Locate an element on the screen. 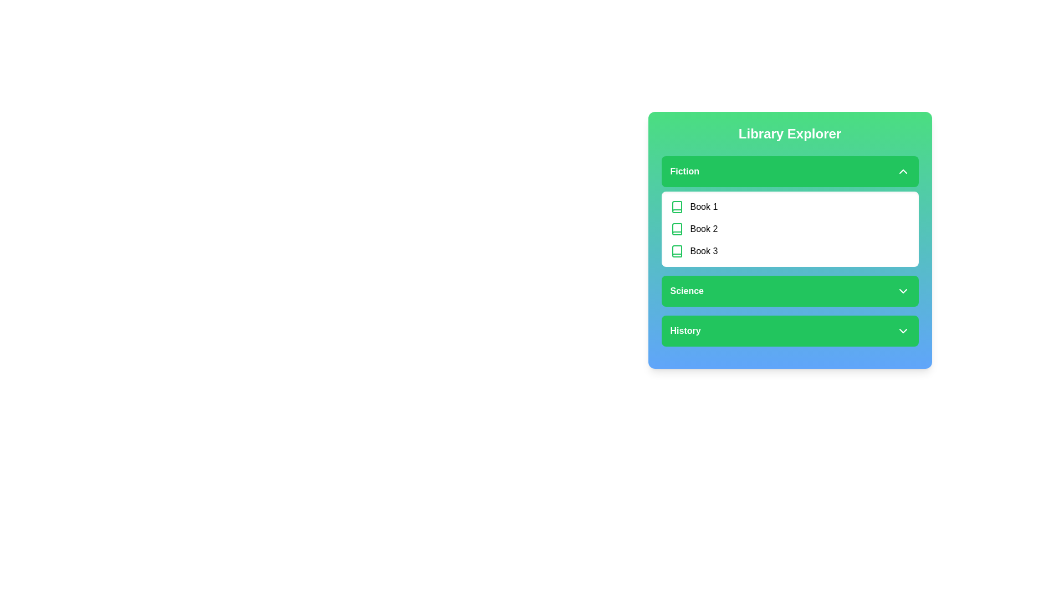 This screenshot has width=1064, height=598. the toggle button of the section labeled History to expand or collapse it is located at coordinates (789, 330).